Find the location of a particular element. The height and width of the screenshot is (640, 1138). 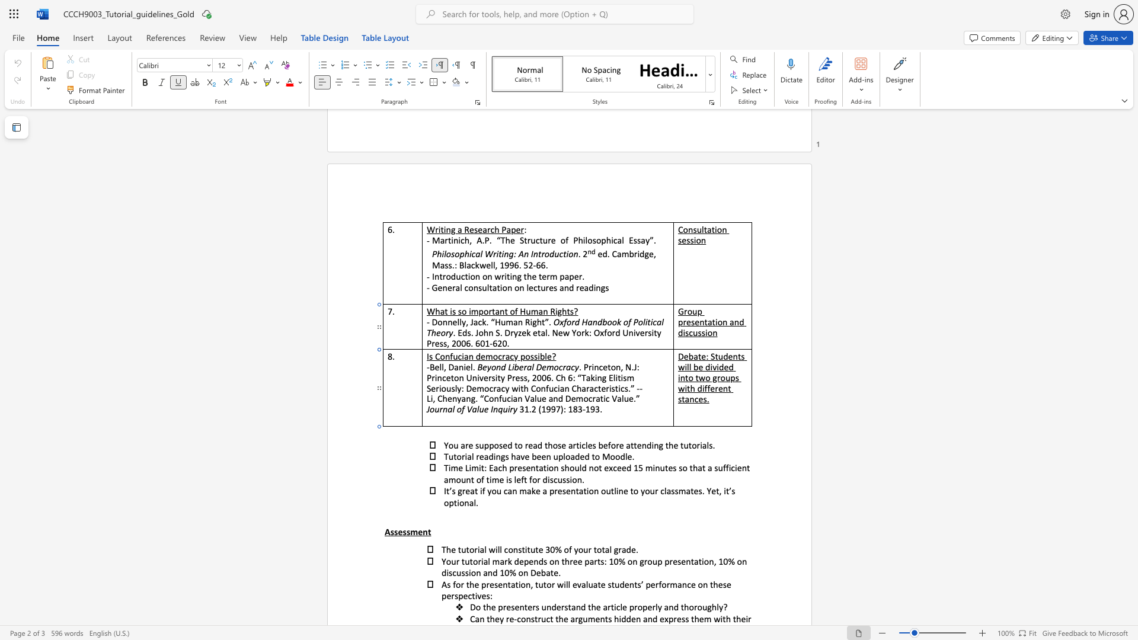

the 1th character "D" in the text is located at coordinates (450, 366).